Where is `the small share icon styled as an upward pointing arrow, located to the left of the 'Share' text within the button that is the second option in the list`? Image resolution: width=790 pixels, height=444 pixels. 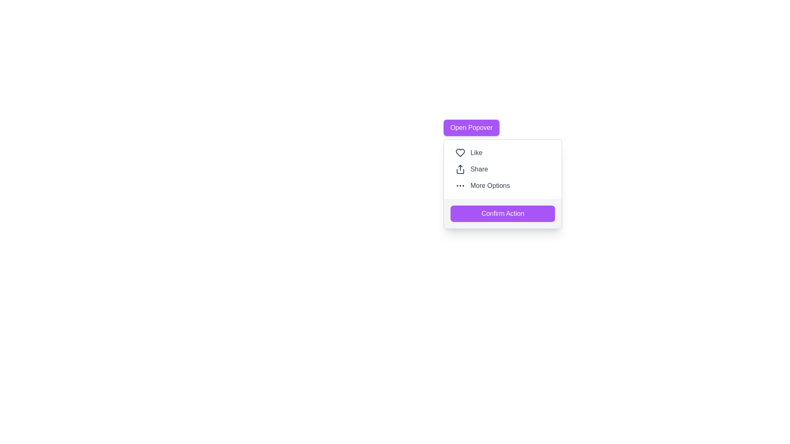 the small share icon styled as an upward pointing arrow, located to the left of the 'Share' text within the button that is the second option in the list is located at coordinates (460, 169).